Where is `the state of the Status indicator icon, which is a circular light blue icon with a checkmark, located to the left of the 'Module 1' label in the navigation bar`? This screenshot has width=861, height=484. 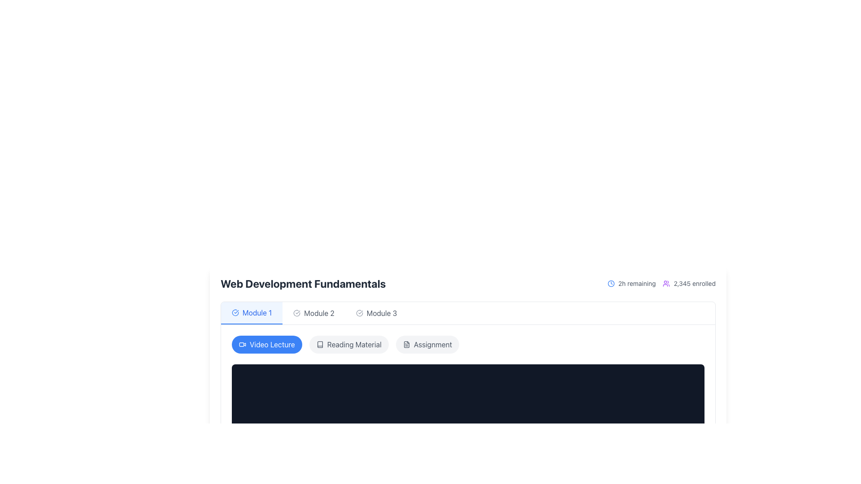
the state of the Status indicator icon, which is a circular light blue icon with a checkmark, located to the left of the 'Module 1' label in the navigation bar is located at coordinates (235, 312).